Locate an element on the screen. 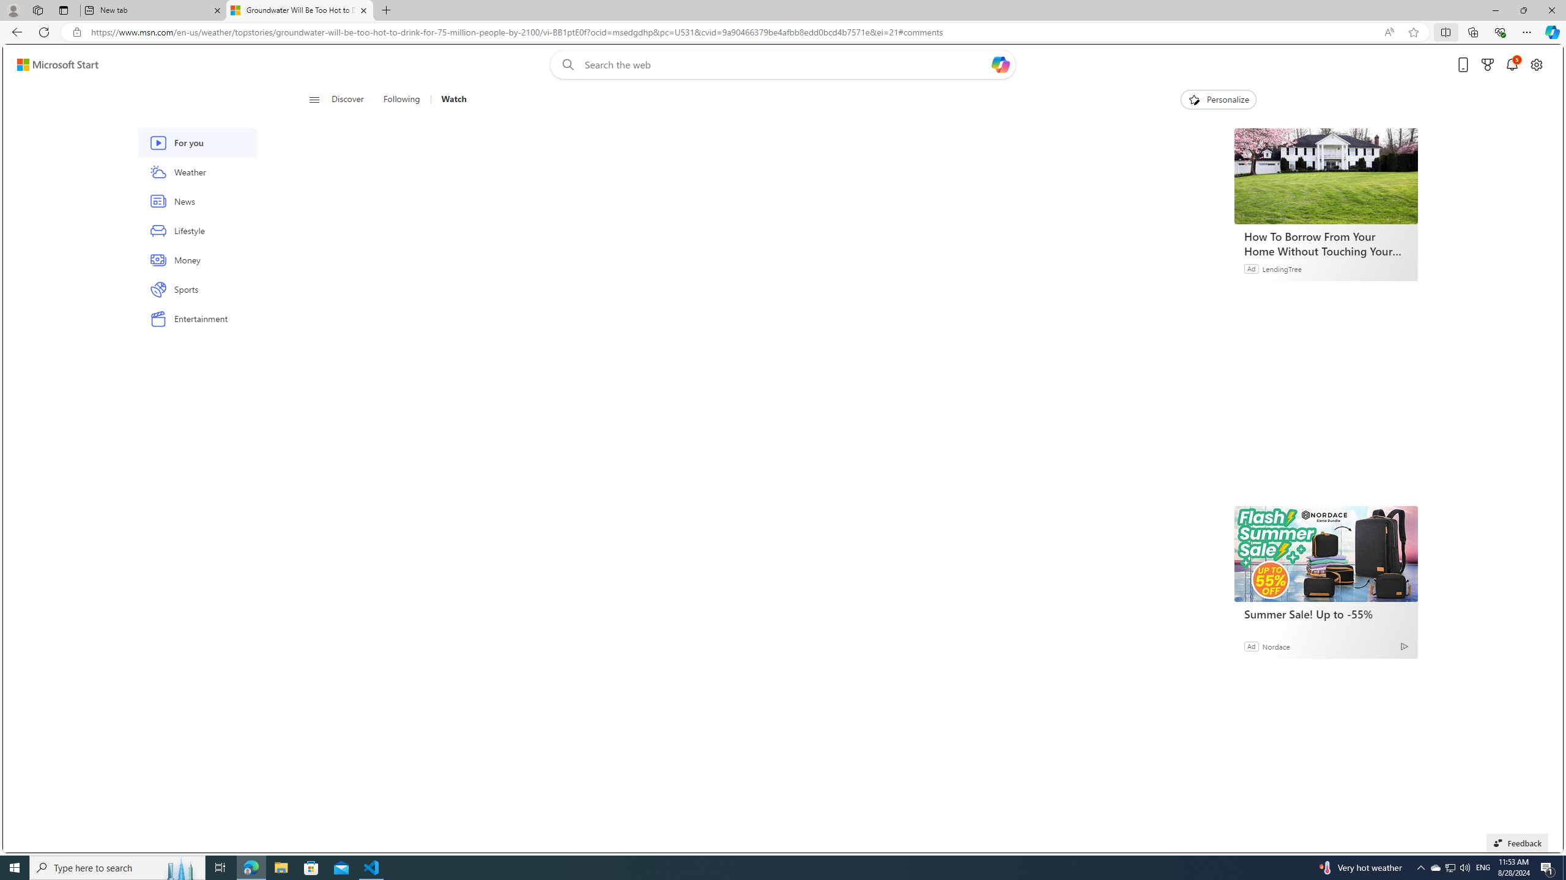 Image resolution: width=1566 pixels, height=880 pixels. 'How To Borrow From Your Home Without Touching Your Mortgage' is located at coordinates (1326, 243).